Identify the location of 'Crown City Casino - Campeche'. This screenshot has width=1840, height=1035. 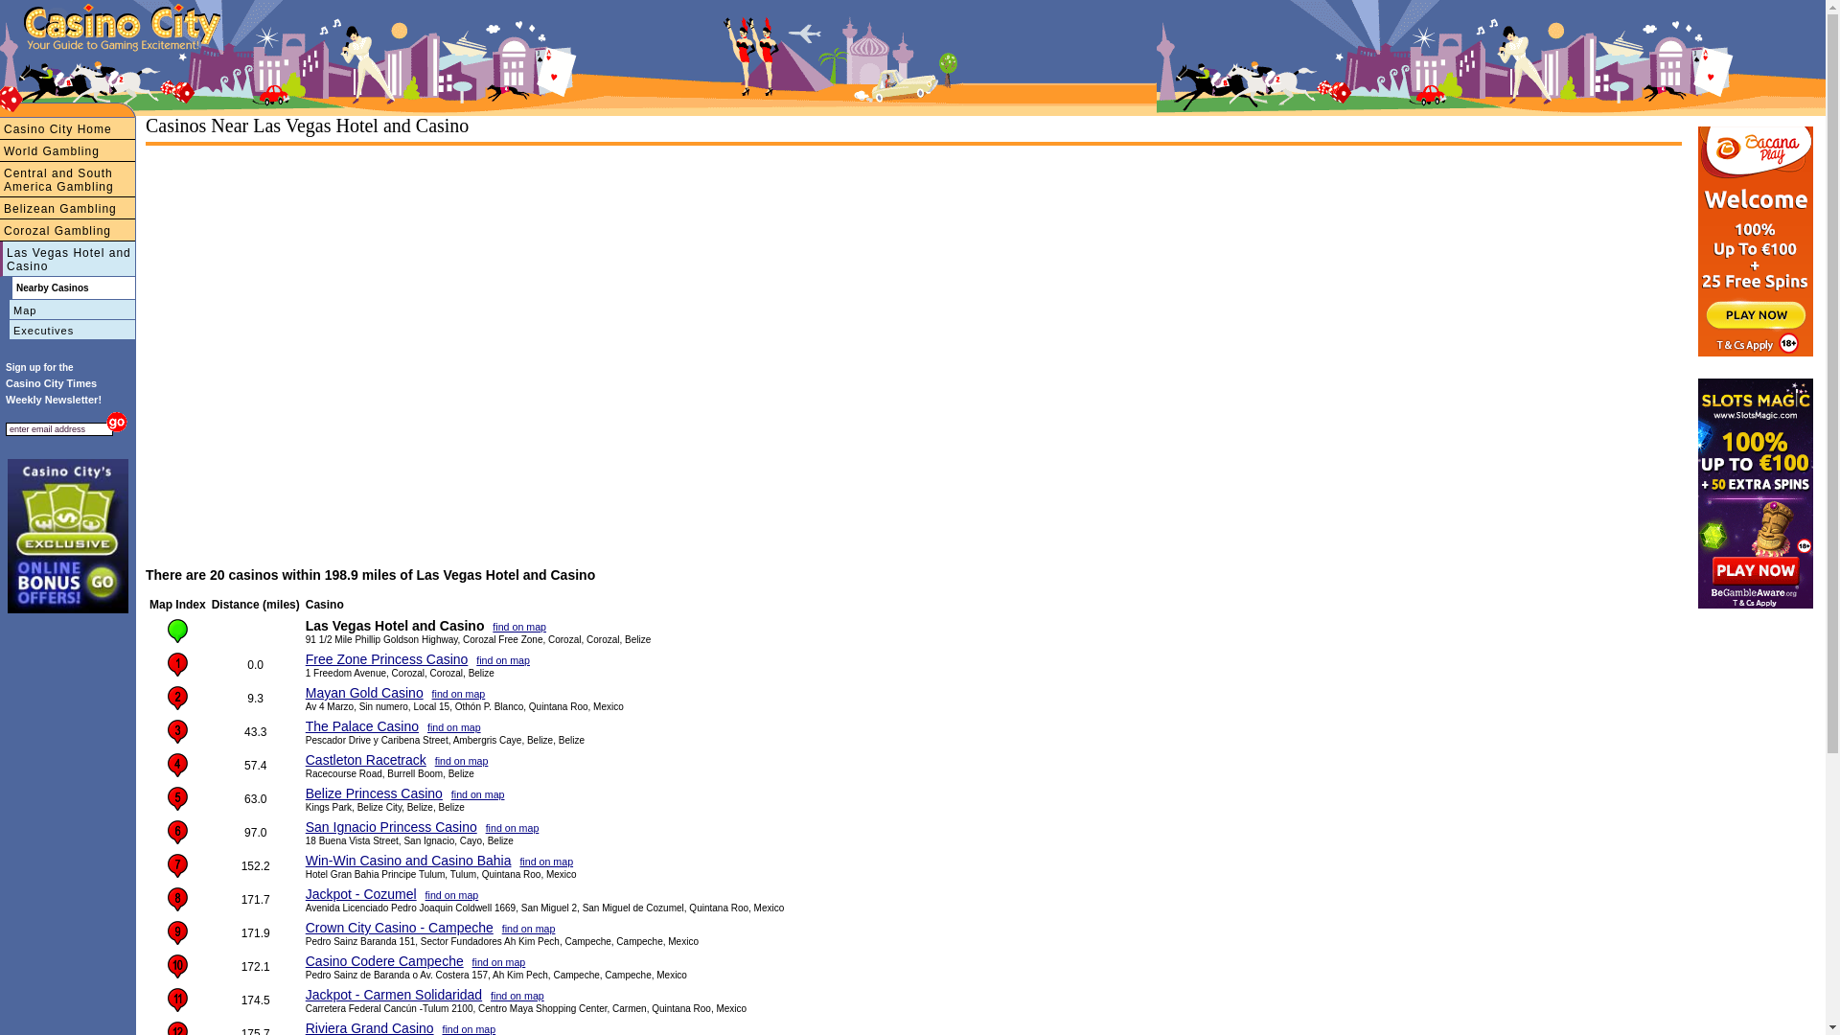
(399, 927).